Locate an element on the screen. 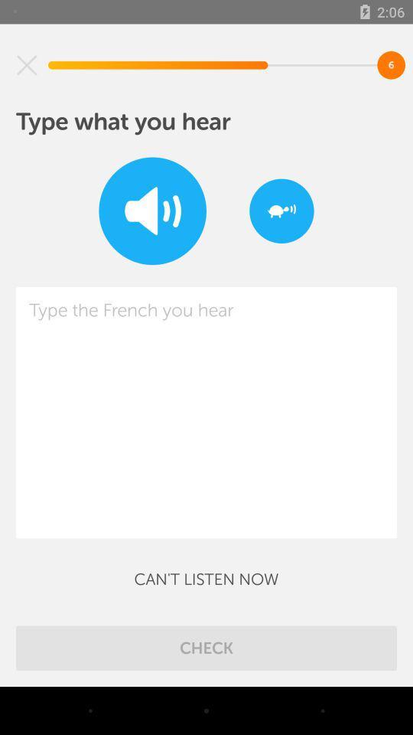  item at the top left corner is located at coordinates (27, 65).